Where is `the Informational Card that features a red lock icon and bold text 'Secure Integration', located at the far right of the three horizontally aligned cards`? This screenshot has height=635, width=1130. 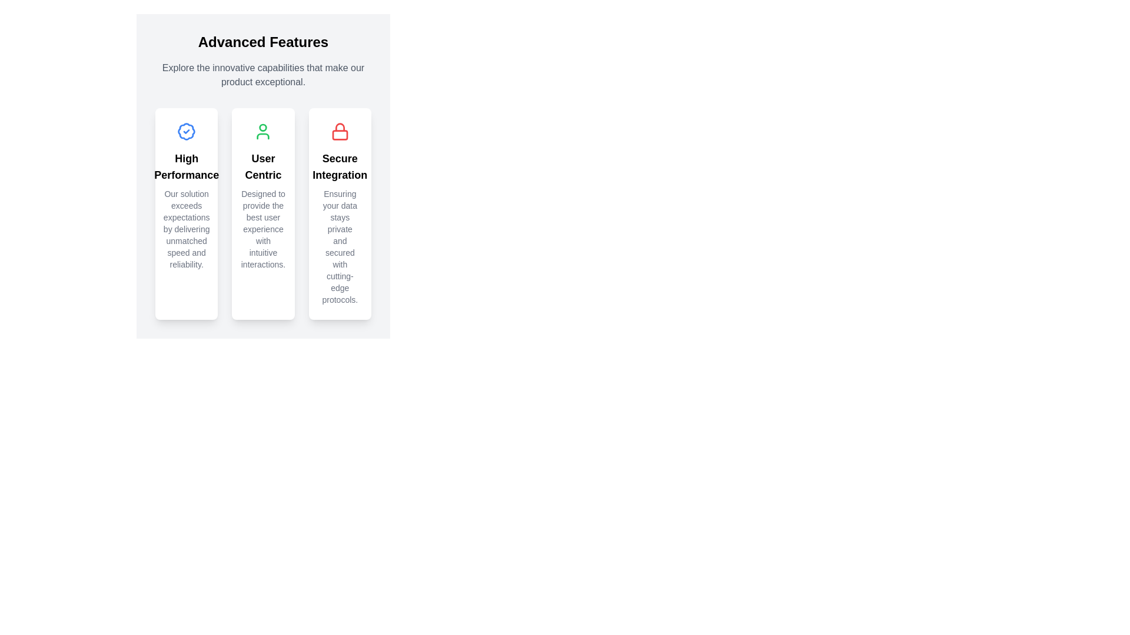
the Informational Card that features a red lock icon and bold text 'Secure Integration', located at the far right of the three horizontally aligned cards is located at coordinates (339, 213).